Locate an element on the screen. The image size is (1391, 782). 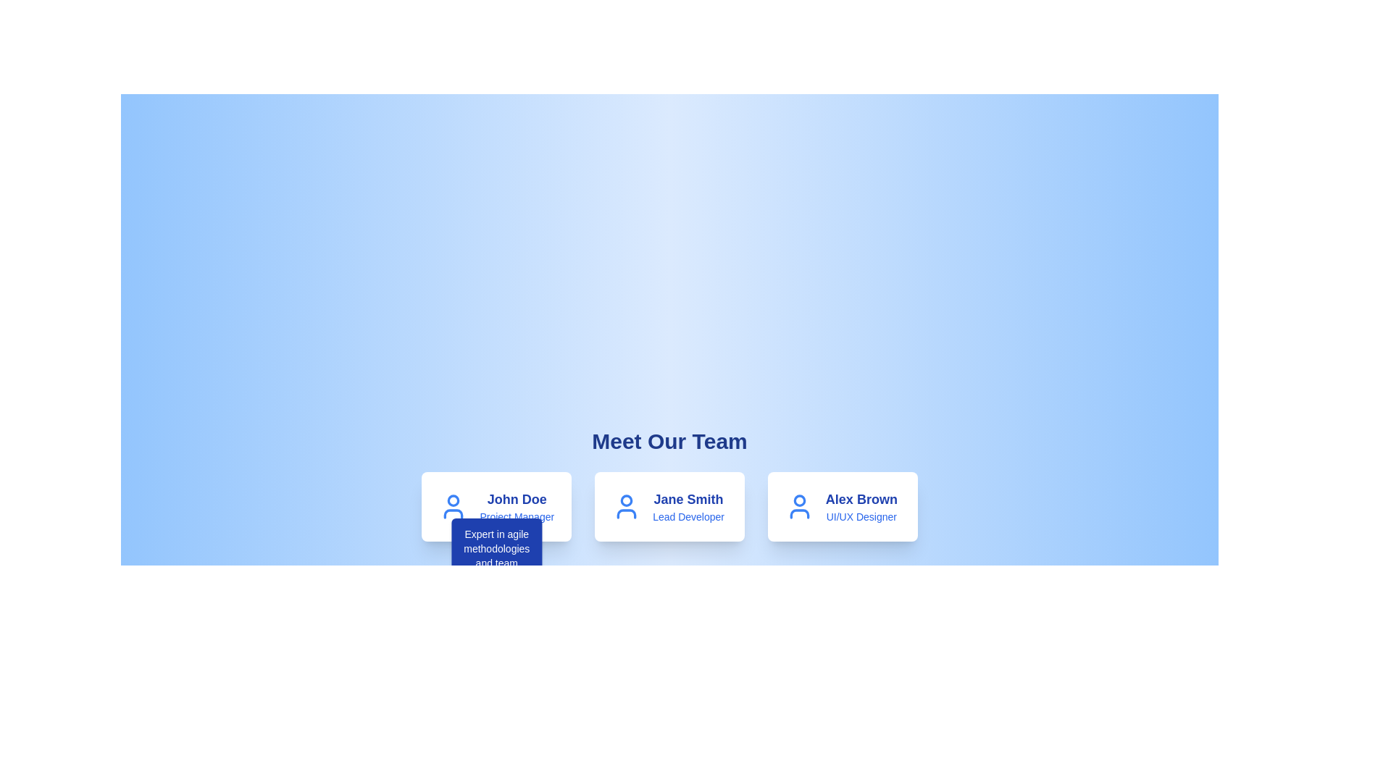
the blue user icon representing John Doe, which is styled as an outline of a person and located at the left side of the card's header area is located at coordinates (453, 505).